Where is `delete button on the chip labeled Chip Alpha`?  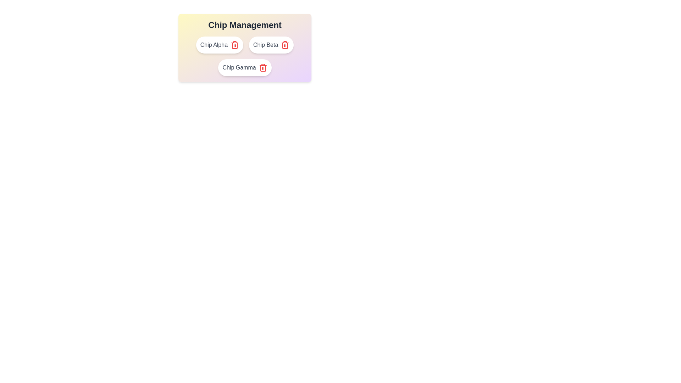 delete button on the chip labeled Chip Alpha is located at coordinates (235, 45).